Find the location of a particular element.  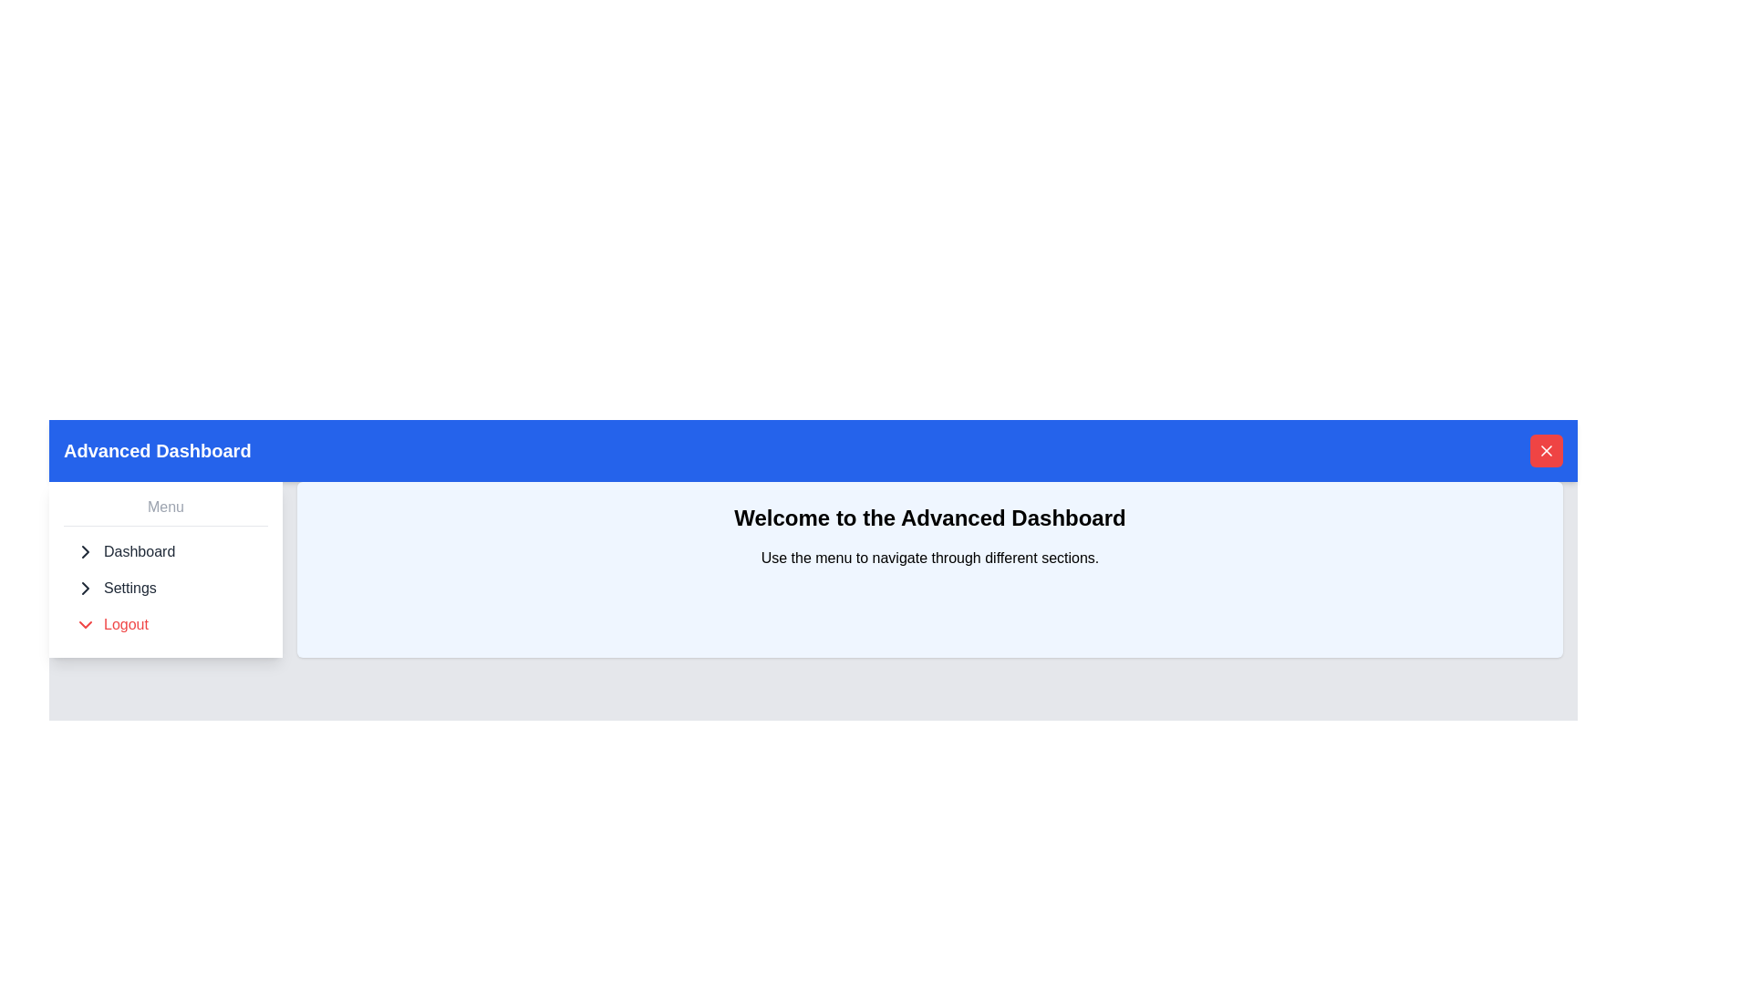

the static text label that serves as a section header for the menu, located at the top of the vertically stacked list in the left panel, above the 'Dashboard' item is located at coordinates (166, 511).